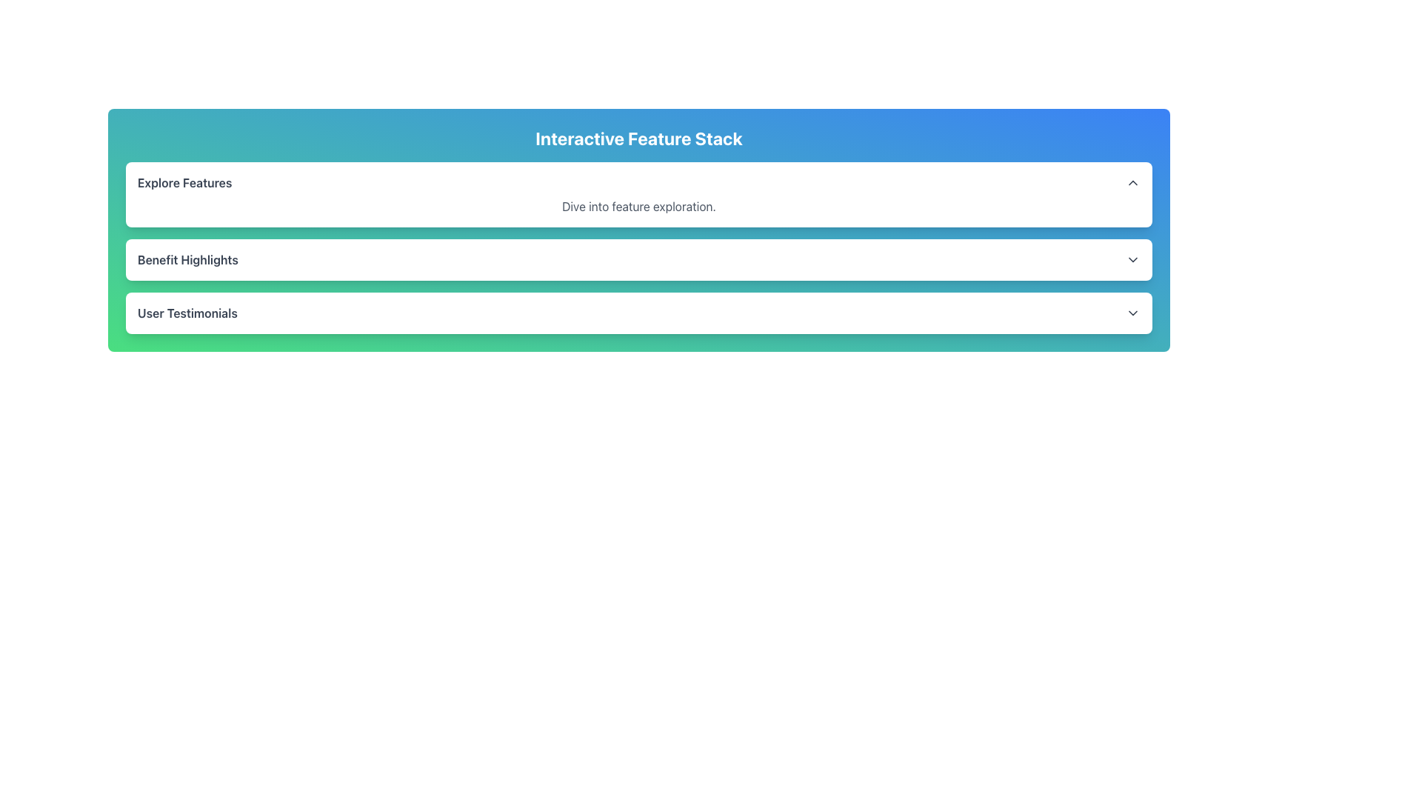  What do you see at coordinates (1132, 259) in the screenshot?
I see `the downward pointing chevron icon located at the far-right end of the 'Benefit Highlights' list item` at bounding box center [1132, 259].